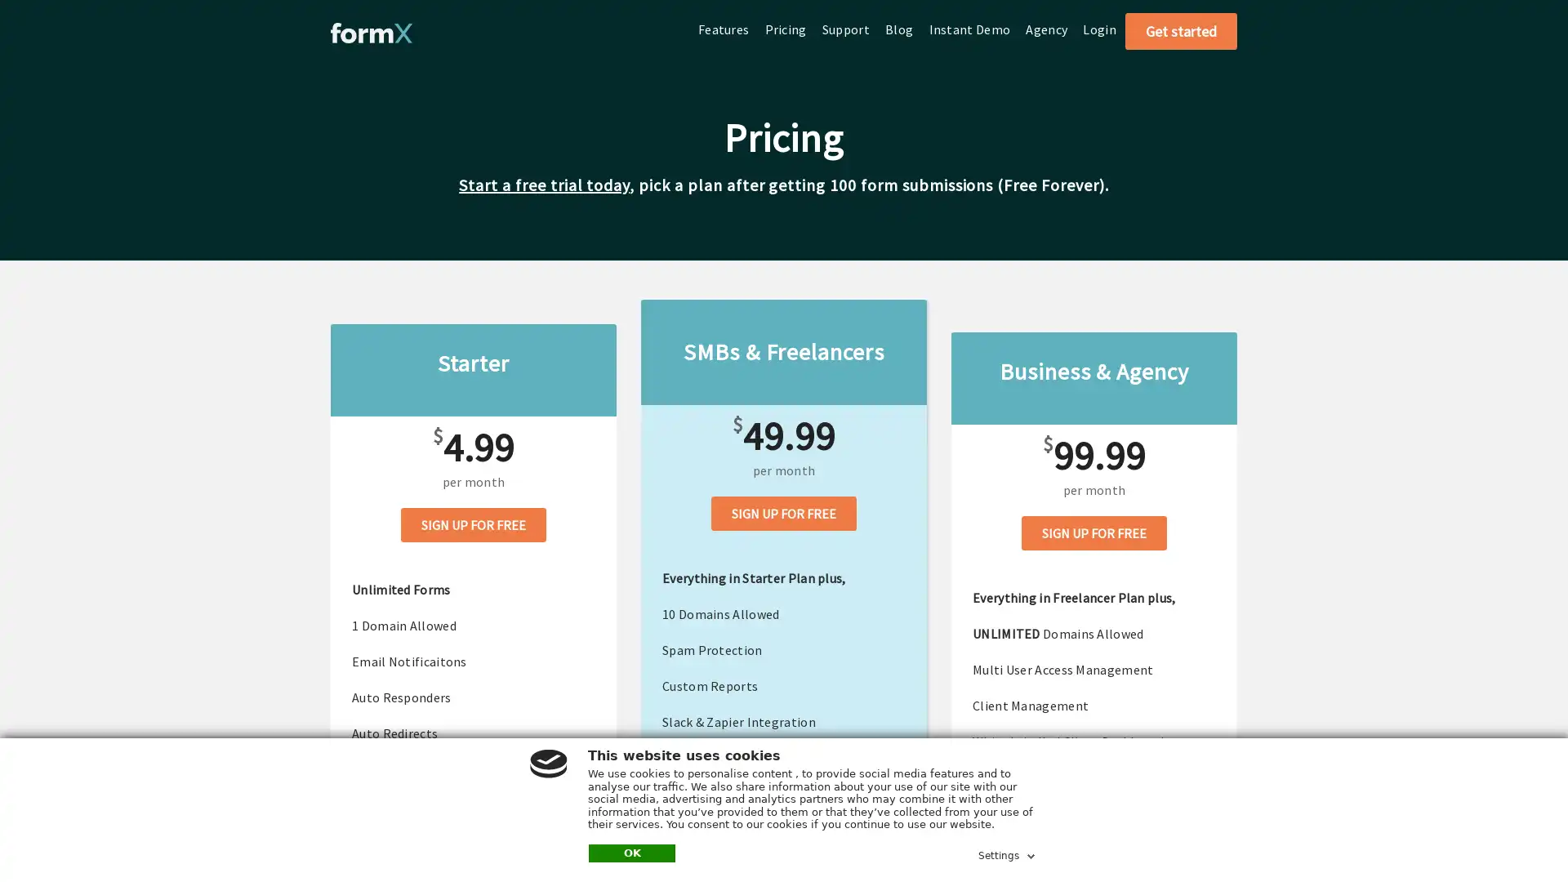 The width and height of the screenshot is (1568, 882). Describe the element at coordinates (784, 512) in the screenshot. I see `SIGN UP FOR FREE` at that location.